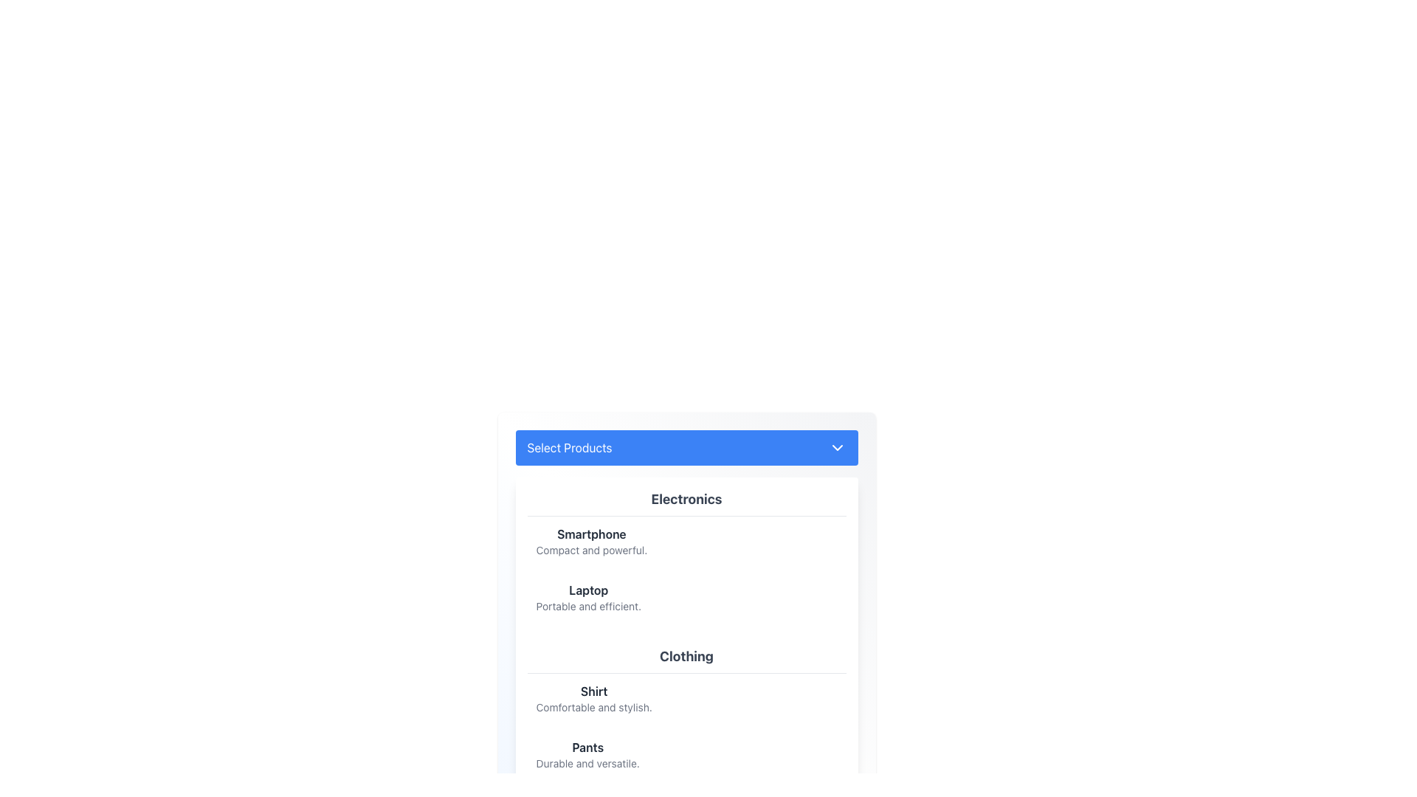  What do you see at coordinates (594, 707) in the screenshot?
I see `the text label element that provides a descriptive summary of the 'Shirt' item, located below the 'Shirt' text in the 'Clothing' category` at bounding box center [594, 707].